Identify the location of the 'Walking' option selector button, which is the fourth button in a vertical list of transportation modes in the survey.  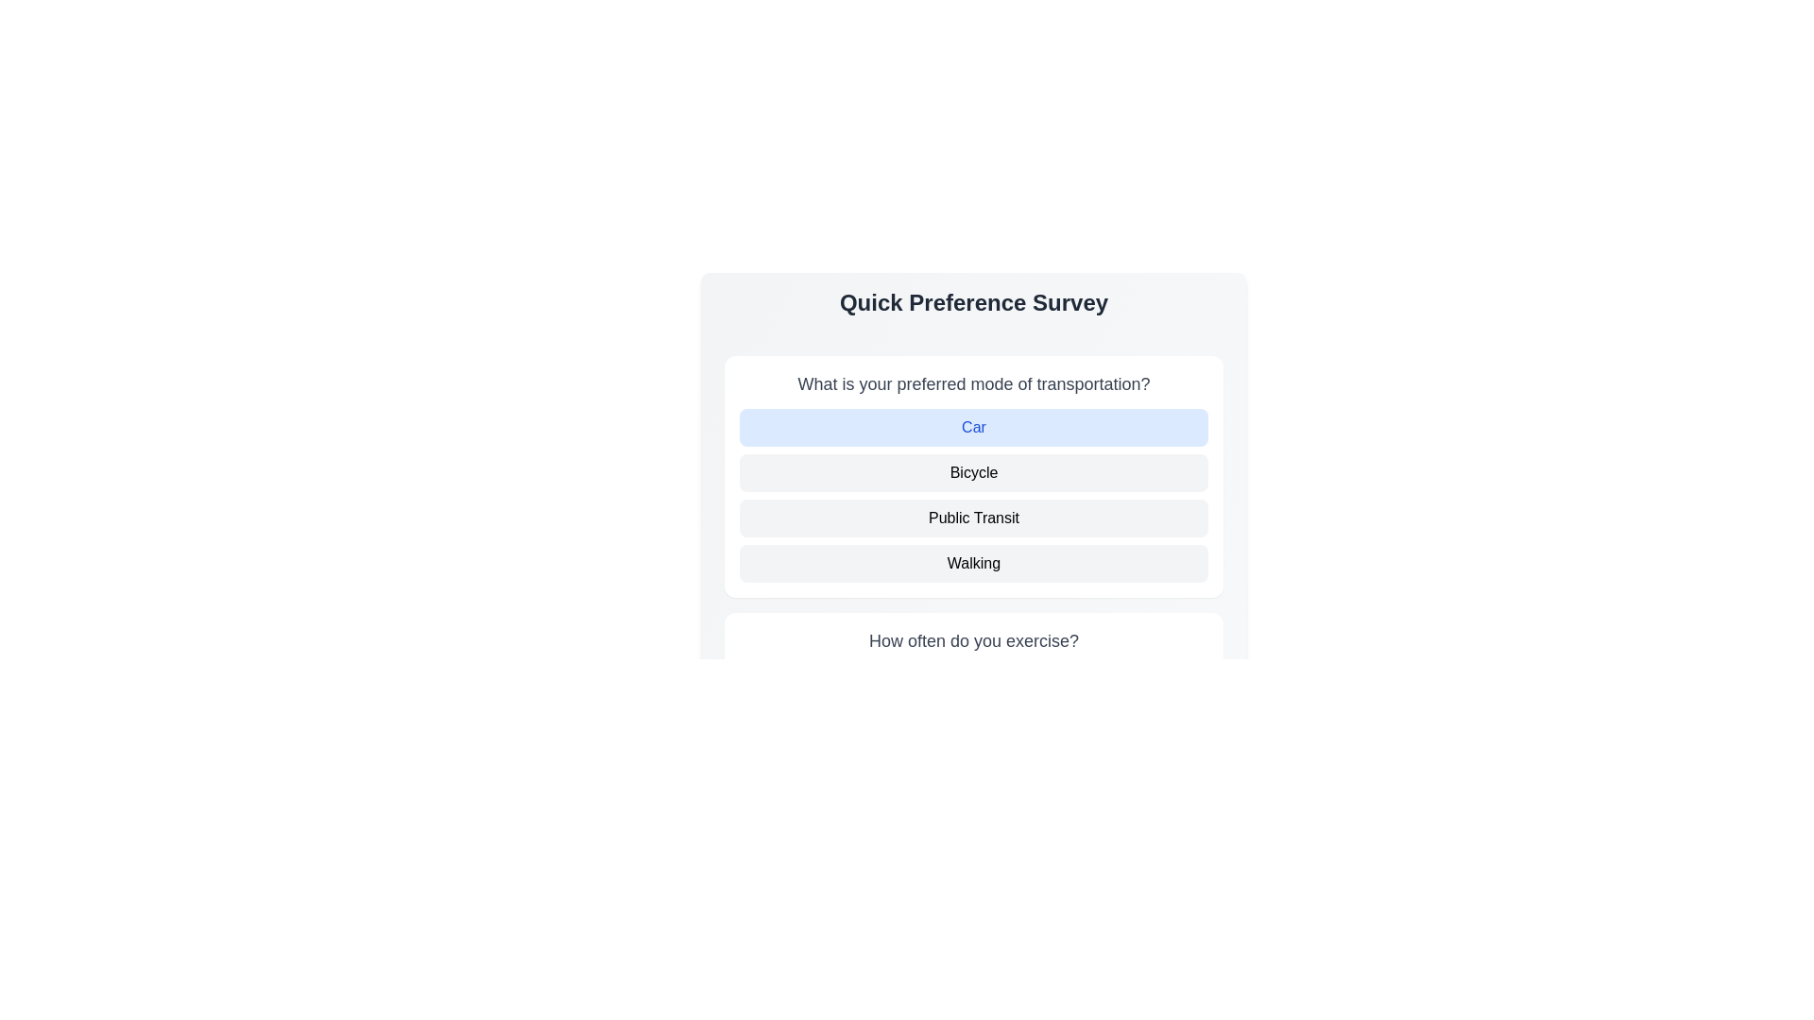
(974, 563).